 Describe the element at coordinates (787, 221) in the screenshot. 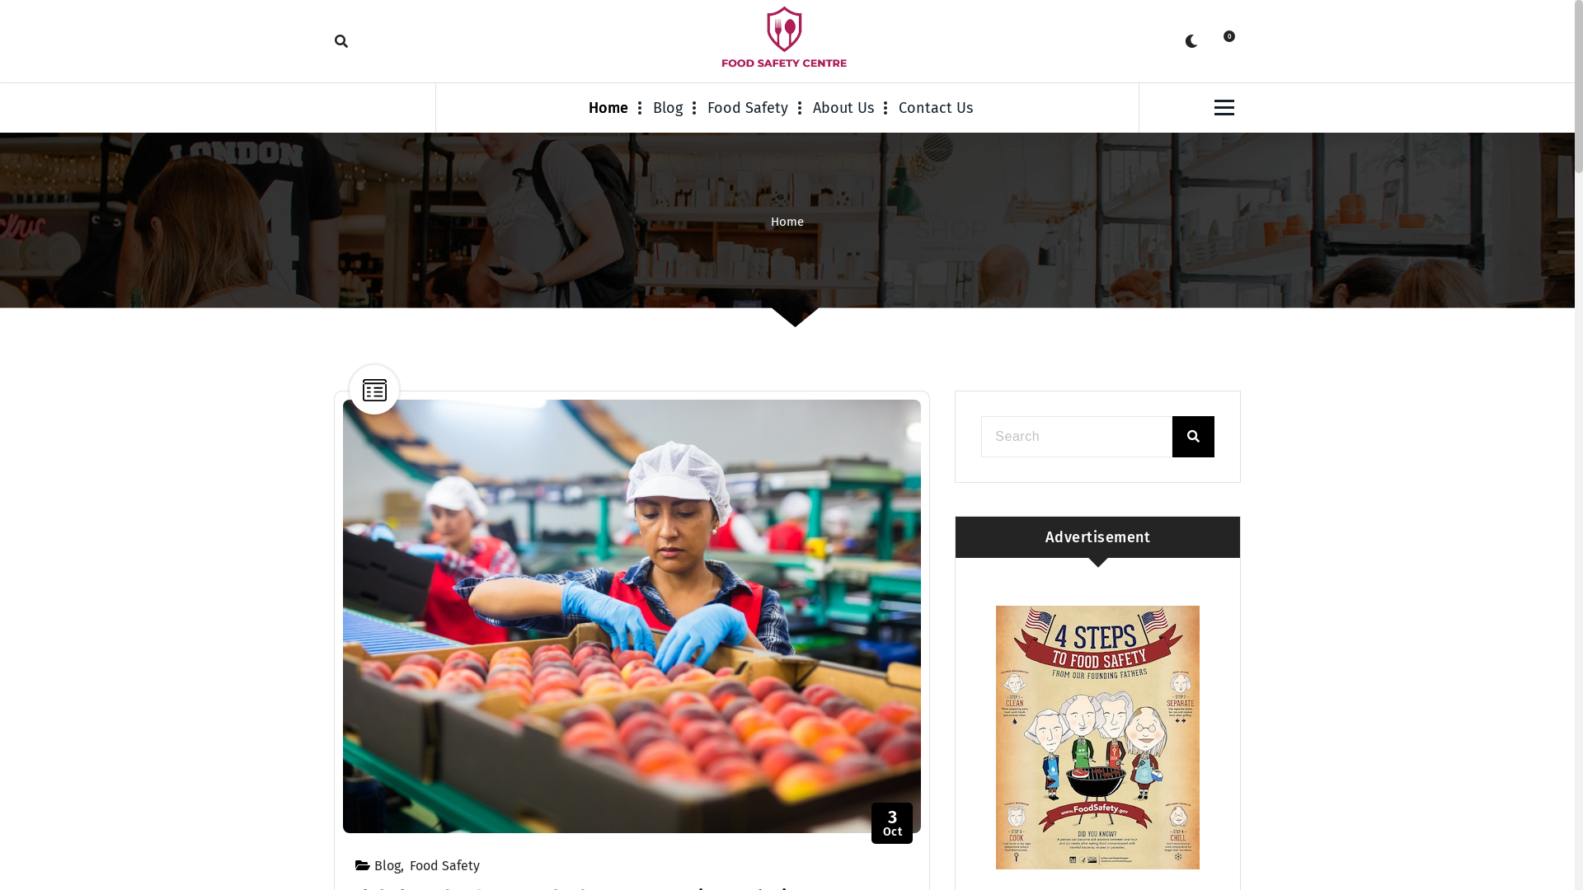

I see `'Home'` at that location.